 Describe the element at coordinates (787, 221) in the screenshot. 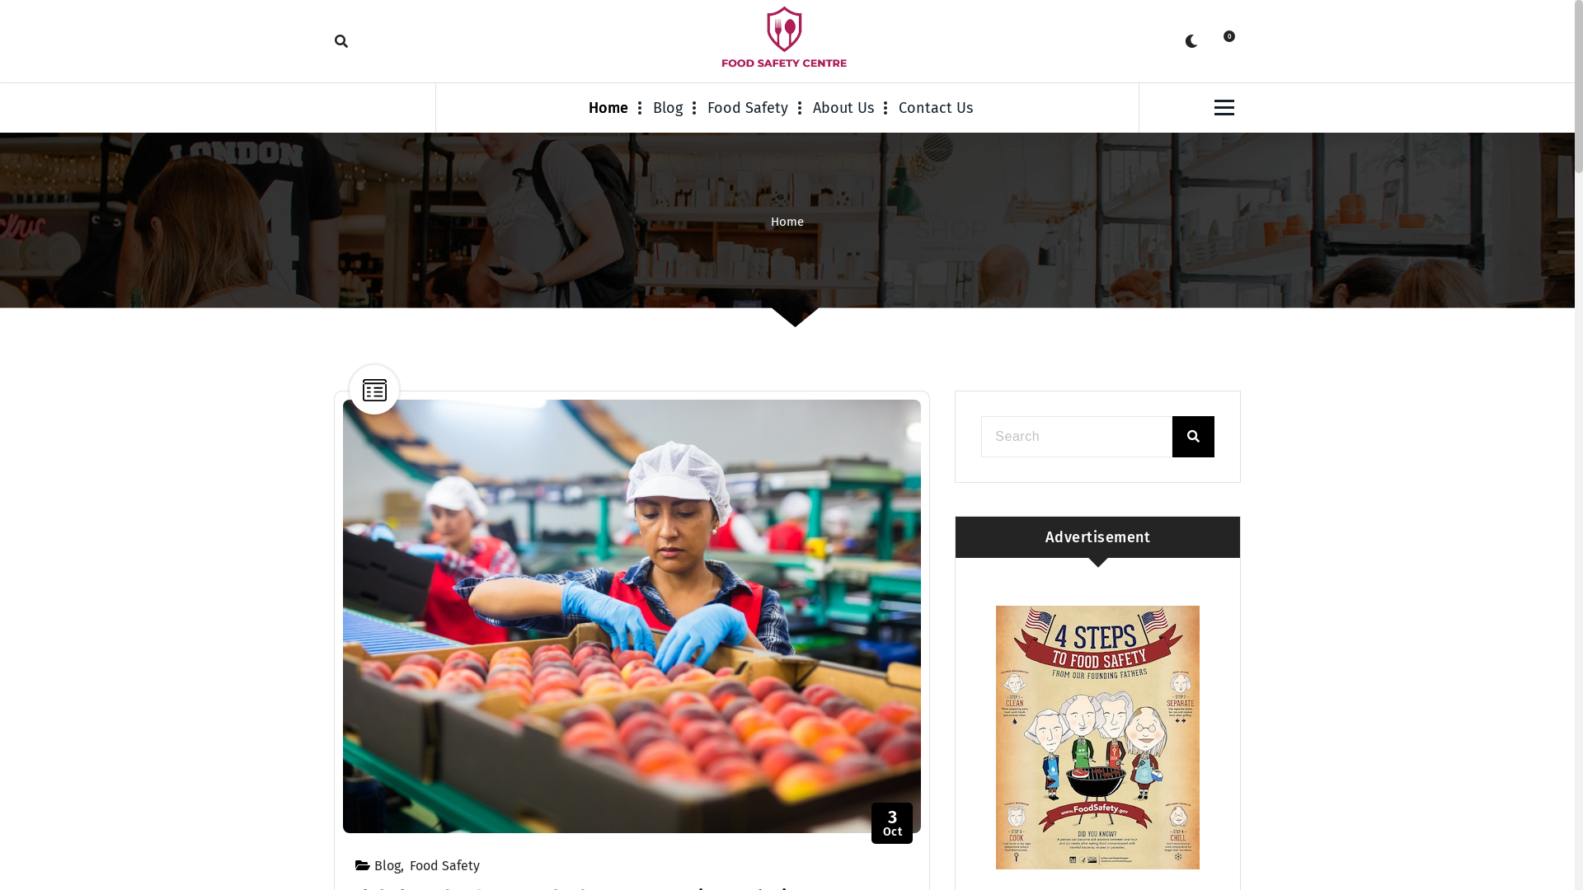

I see `'Home'` at that location.